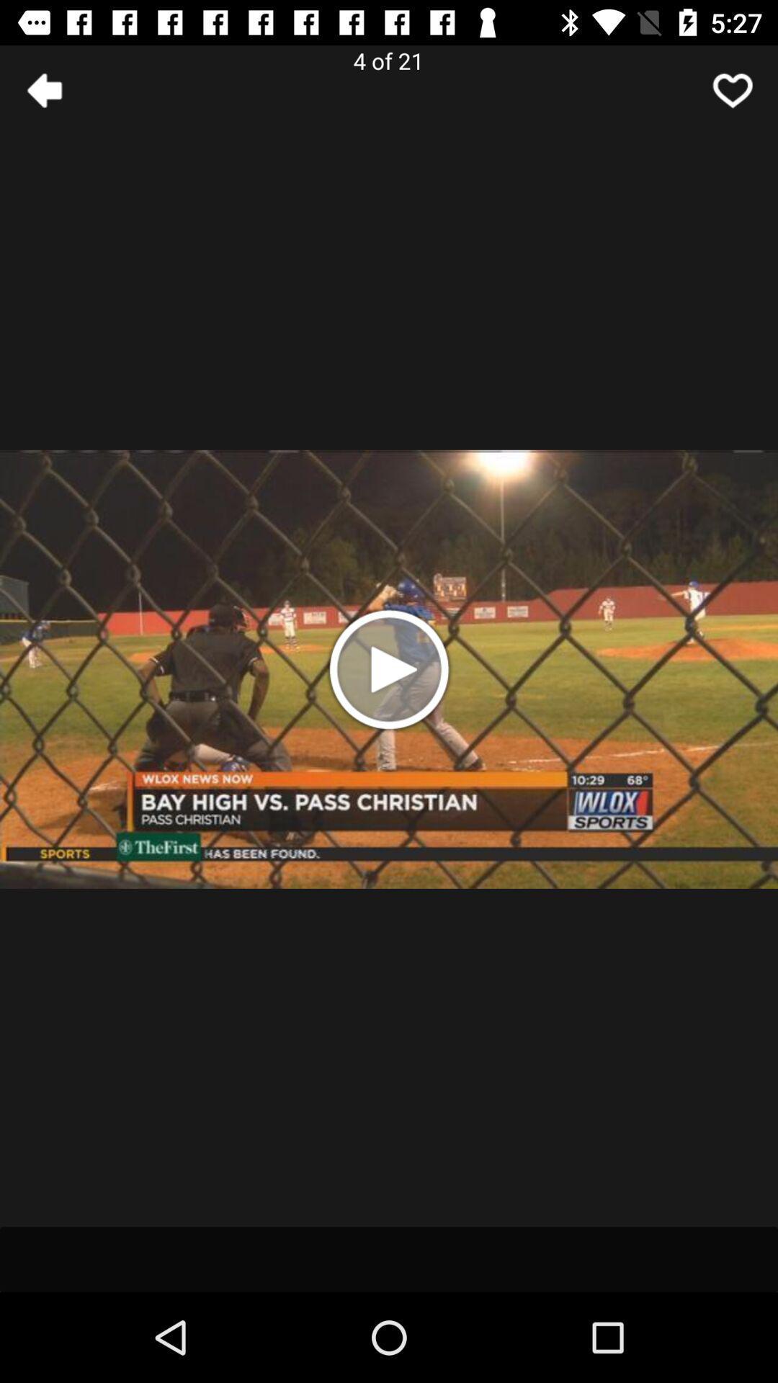  Describe the element at coordinates (44, 89) in the screenshot. I see `previous page` at that location.